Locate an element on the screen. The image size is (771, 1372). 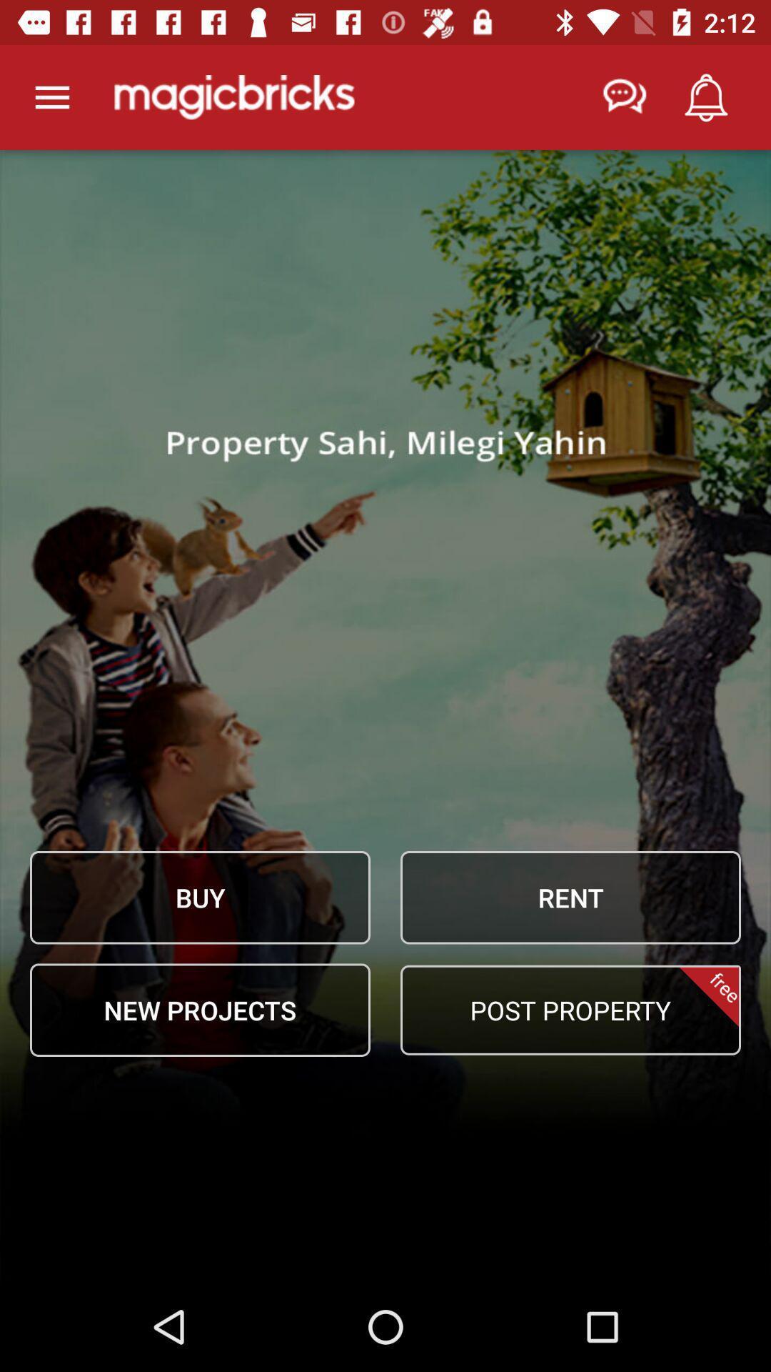
the item on the left is located at coordinates (200, 897).